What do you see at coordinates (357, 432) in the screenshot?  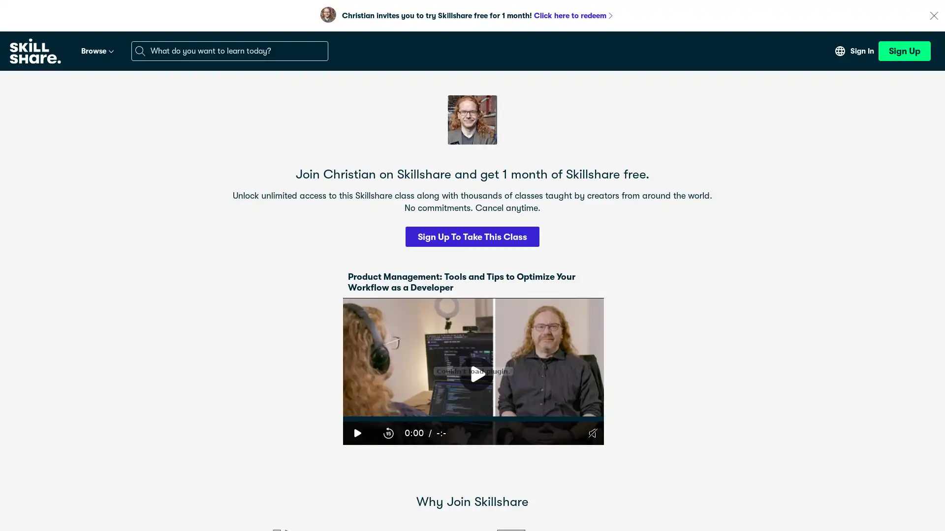 I see `Play` at bounding box center [357, 432].